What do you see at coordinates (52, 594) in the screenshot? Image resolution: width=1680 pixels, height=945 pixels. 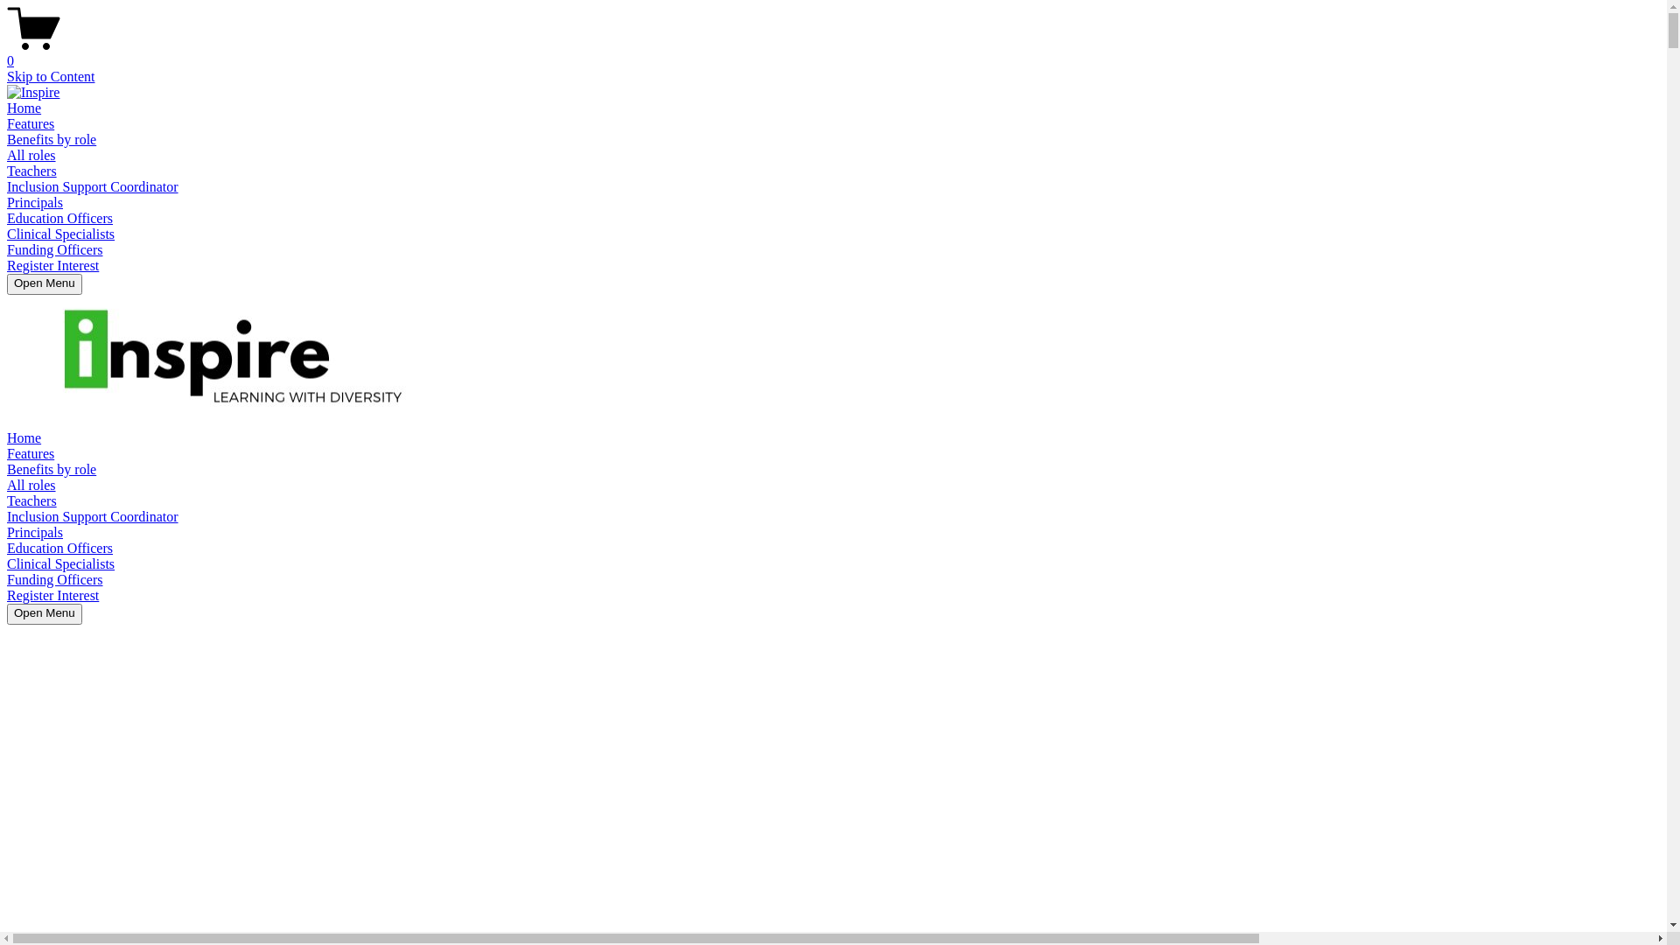 I see `'Register Interest'` at bounding box center [52, 594].